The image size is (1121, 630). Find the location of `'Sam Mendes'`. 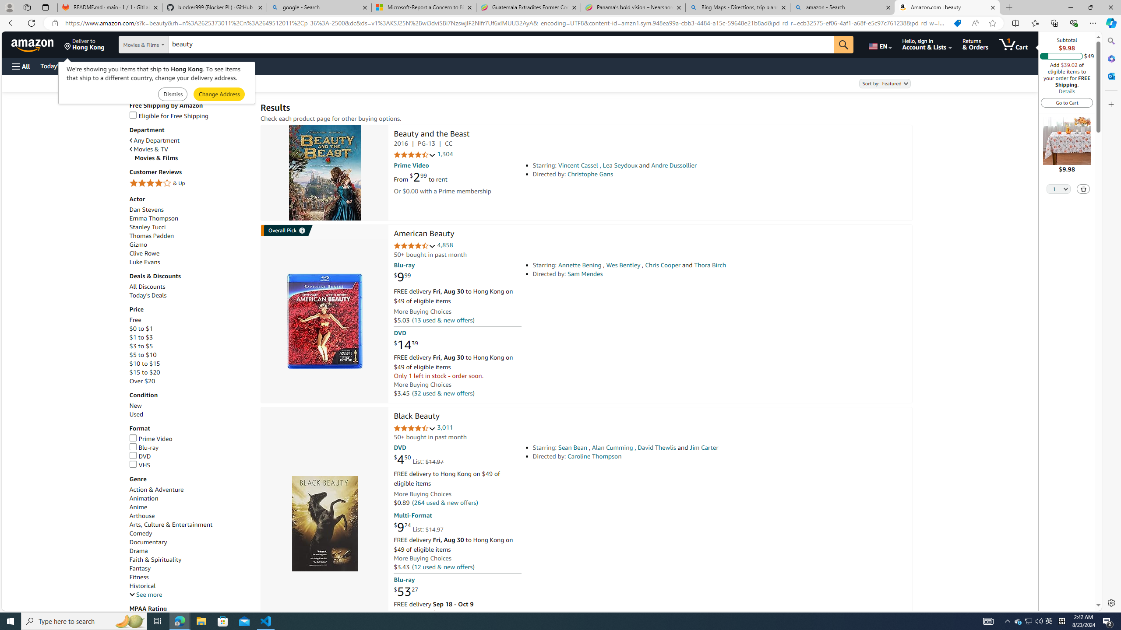

'Sam Mendes' is located at coordinates (585, 273).